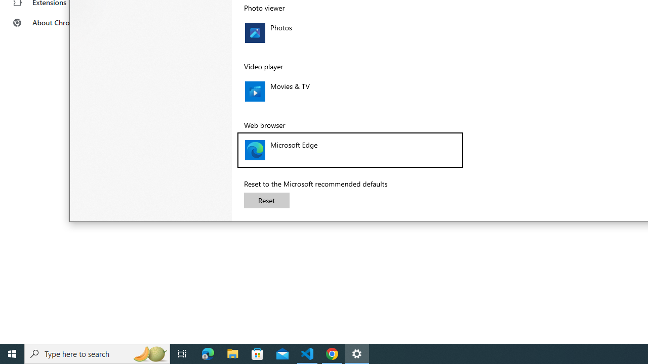 The height and width of the screenshot is (364, 648). I want to click on 'Search highlights icon opens search home window', so click(149, 353).